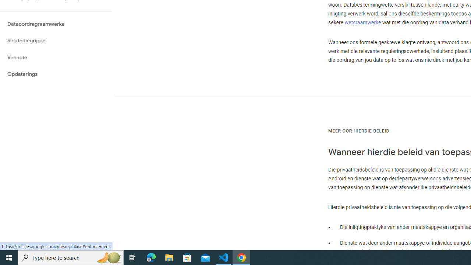  What do you see at coordinates (56, 24) in the screenshot?
I see `'Dataoordragraamwerke'` at bounding box center [56, 24].